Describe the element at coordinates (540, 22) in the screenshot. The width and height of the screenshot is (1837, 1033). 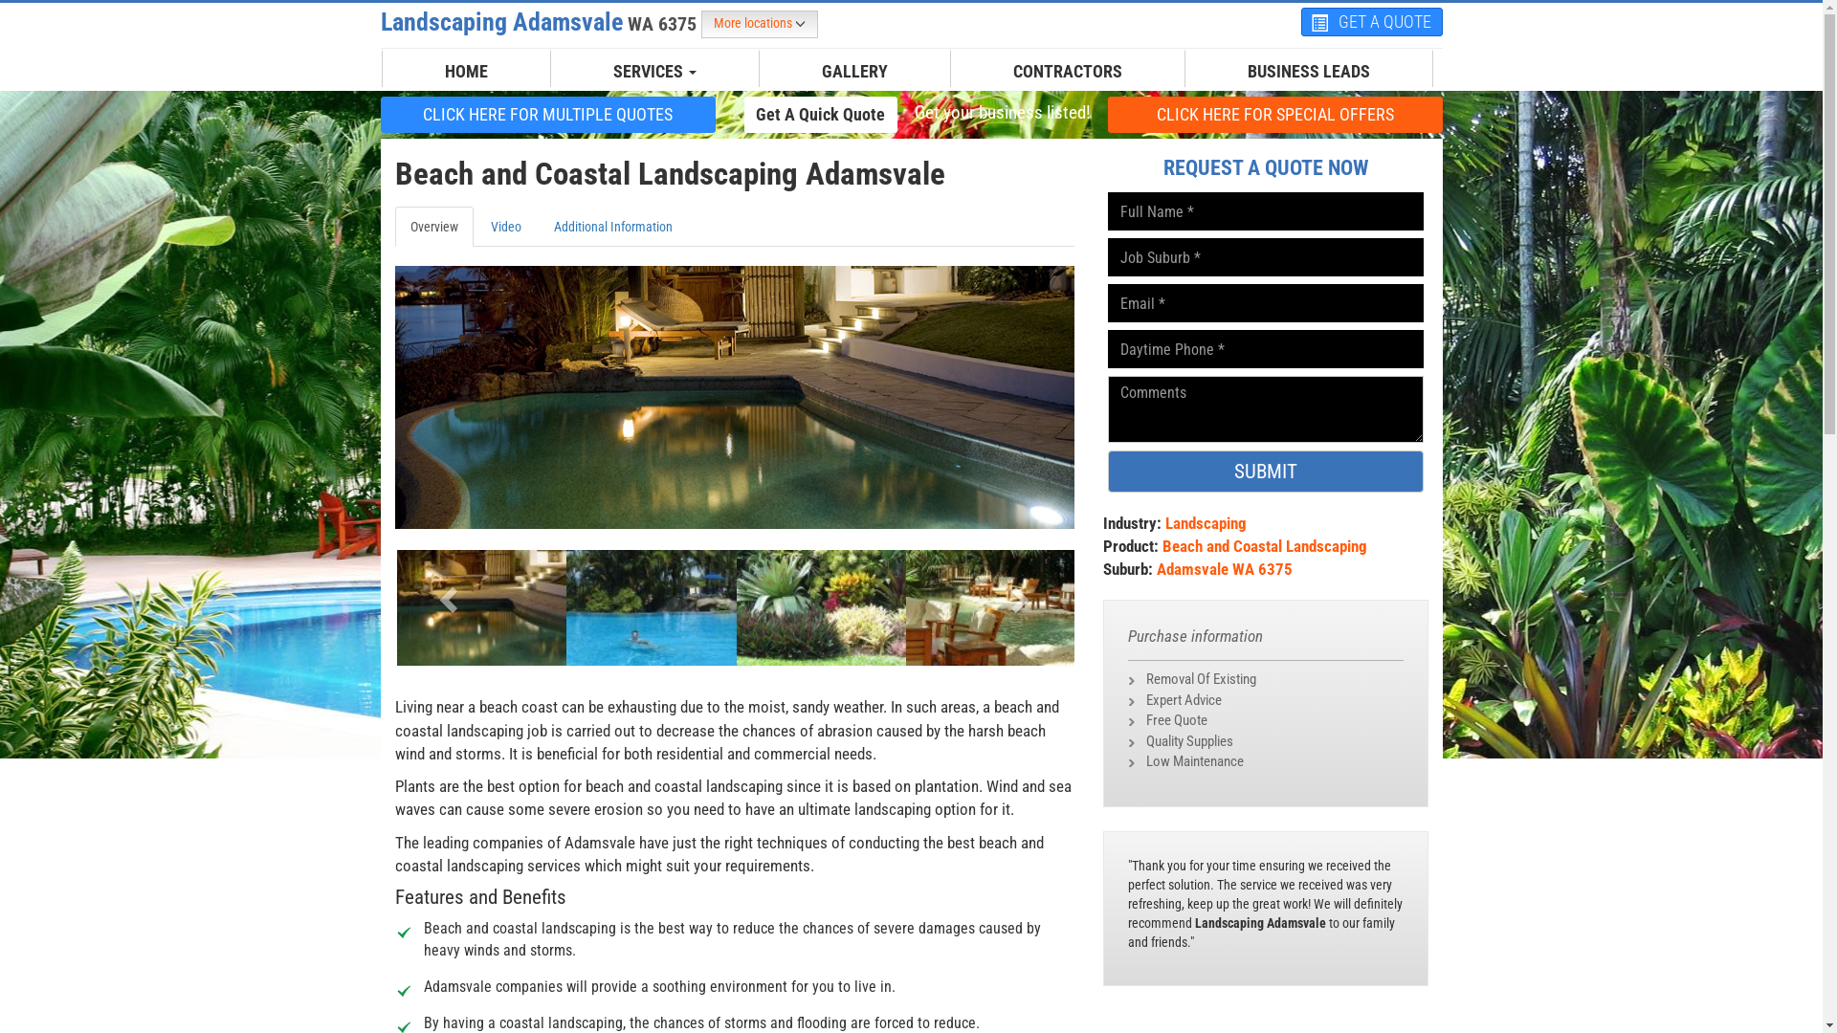
I see `'Landscaping Adamsvale WA 6375'` at that location.